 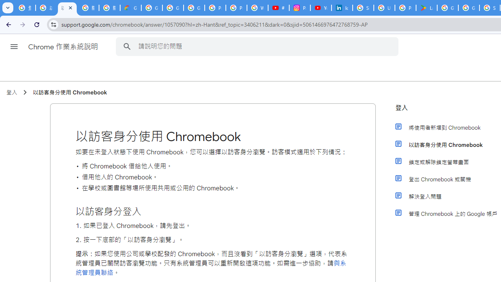 I want to click on 'Last Shelter: Survival - Apps on Google Play', so click(x=426, y=8).